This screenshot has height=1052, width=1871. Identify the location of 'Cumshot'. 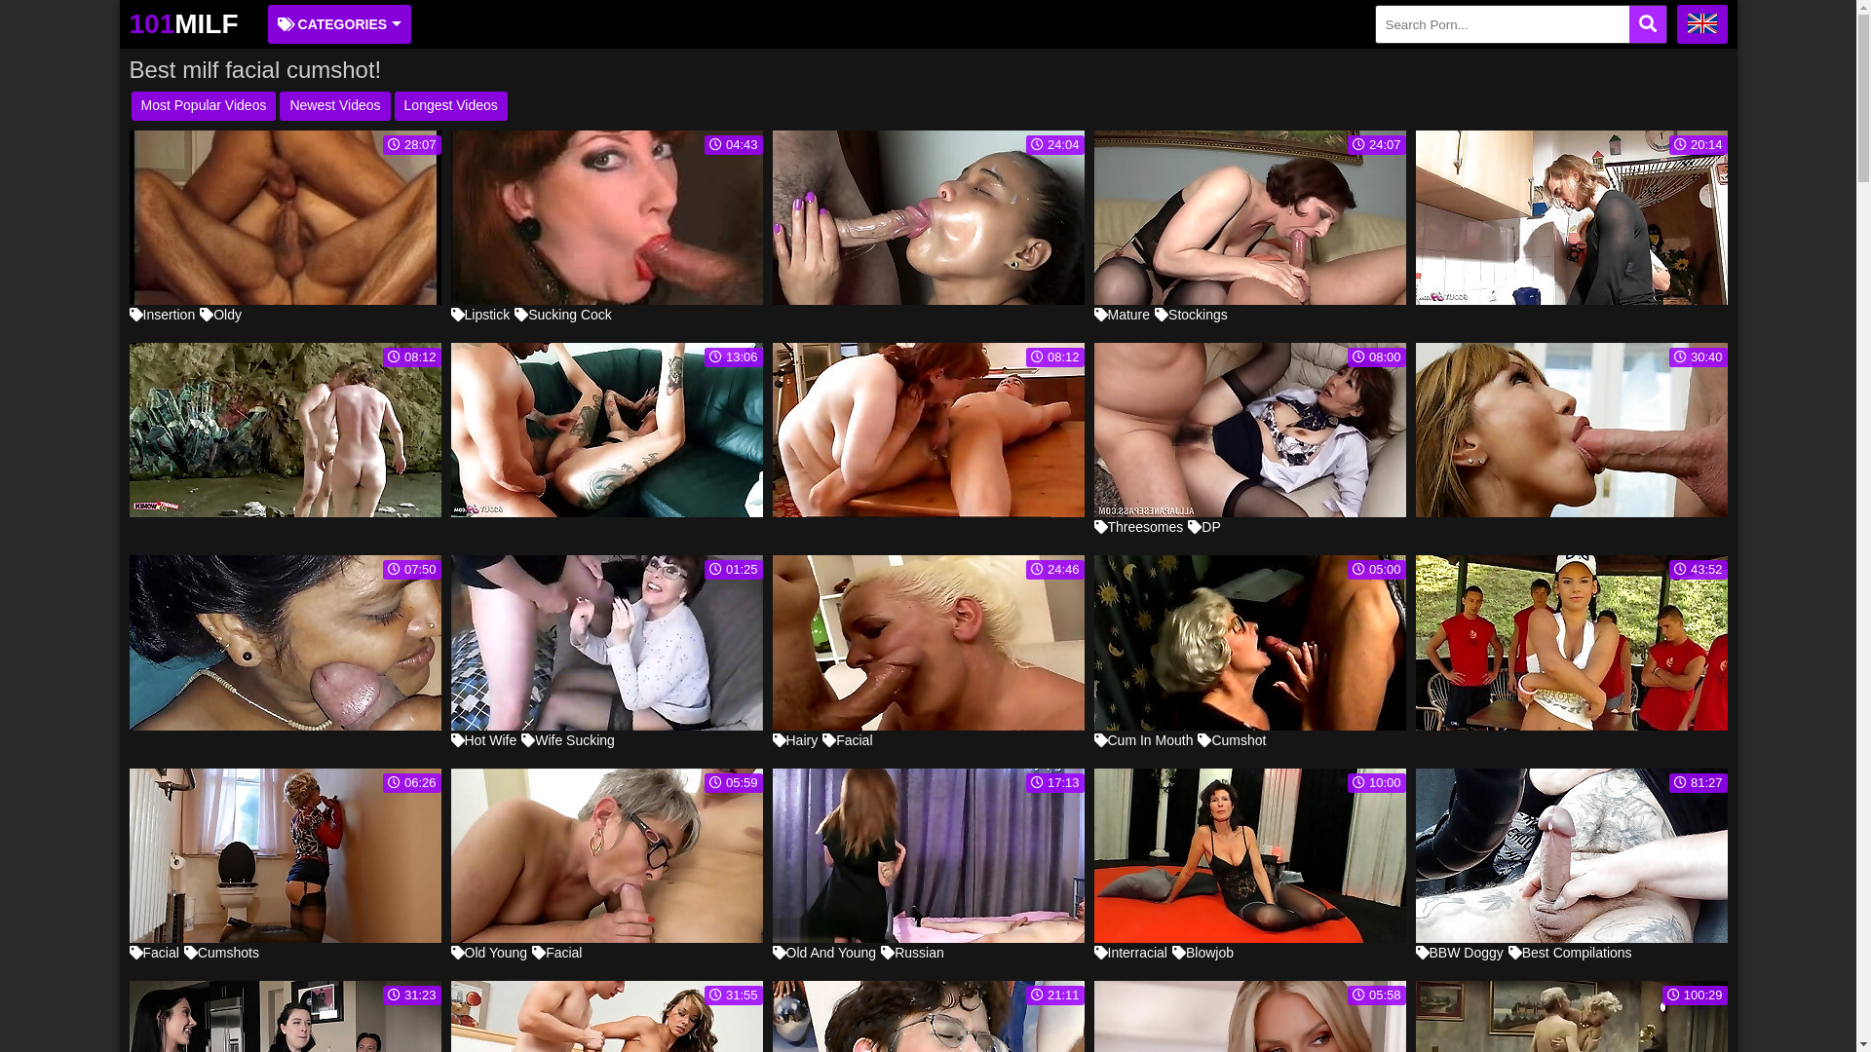
(1196, 739).